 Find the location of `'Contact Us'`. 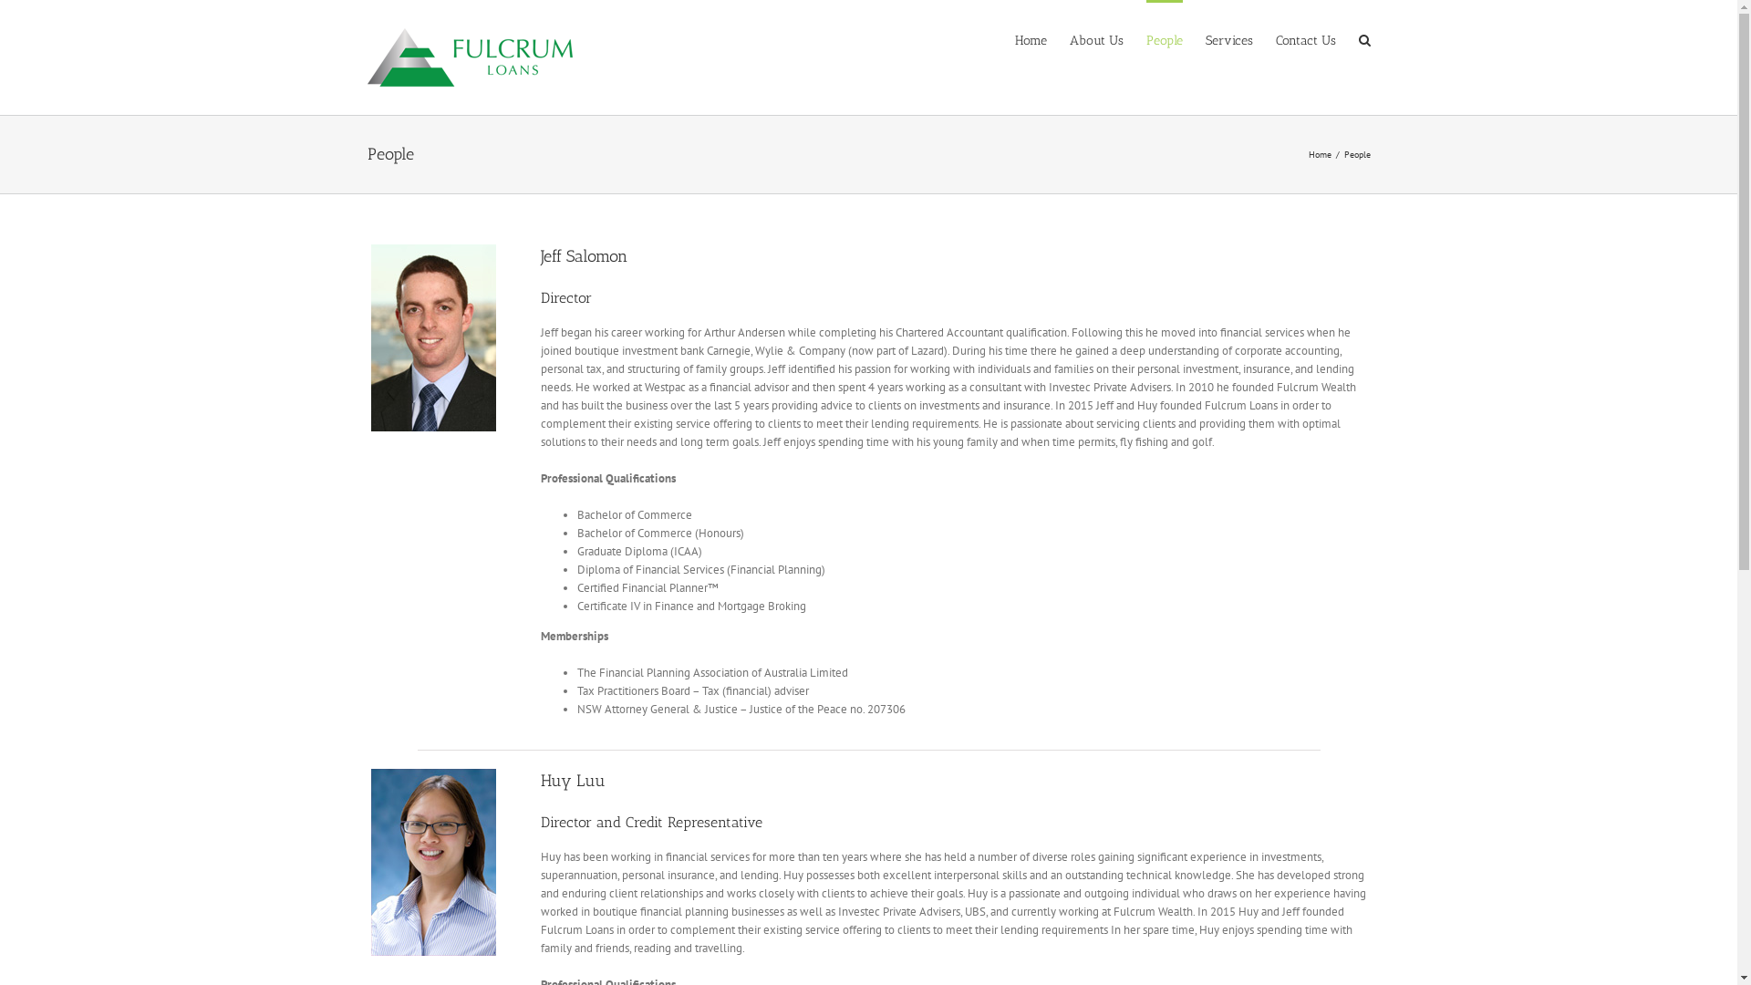

'Contact Us' is located at coordinates (1303, 38).